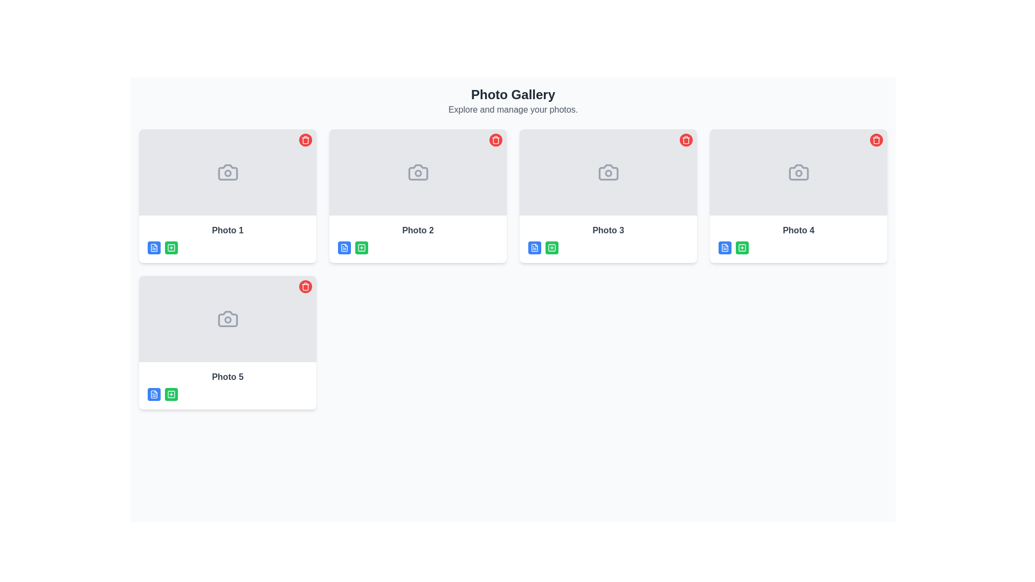 This screenshot has width=1035, height=582. What do you see at coordinates (170, 394) in the screenshot?
I see `the green rounded rectangle button with a '+' symbol located in the lower-left section of the 'Photo 5' card` at bounding box center [170, 394].